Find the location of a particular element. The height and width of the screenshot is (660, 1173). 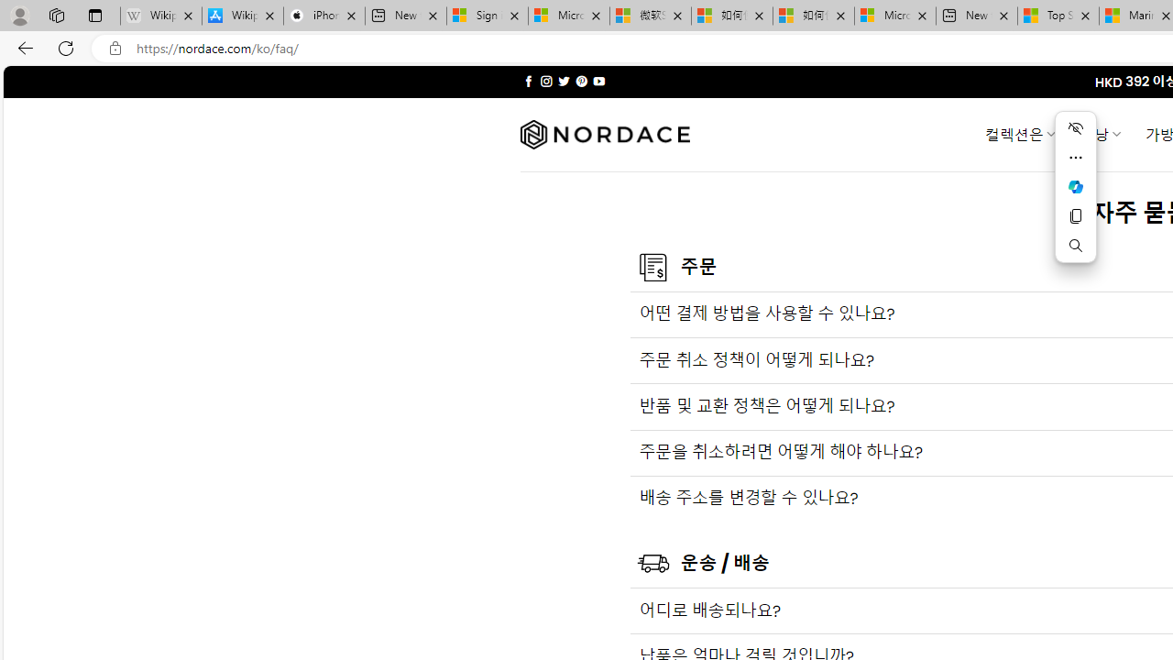

'iPhone - Apple' is located at coordinates (323, 16).